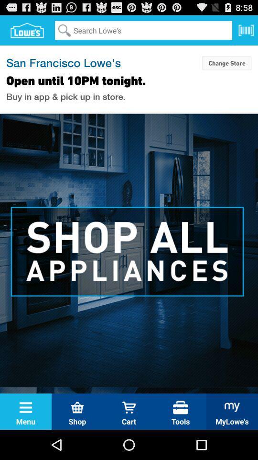 This screenshot has width=258, height=460. Describe the element at coordinates (226, 62) in the screenshot. I see `the change store` at that location.